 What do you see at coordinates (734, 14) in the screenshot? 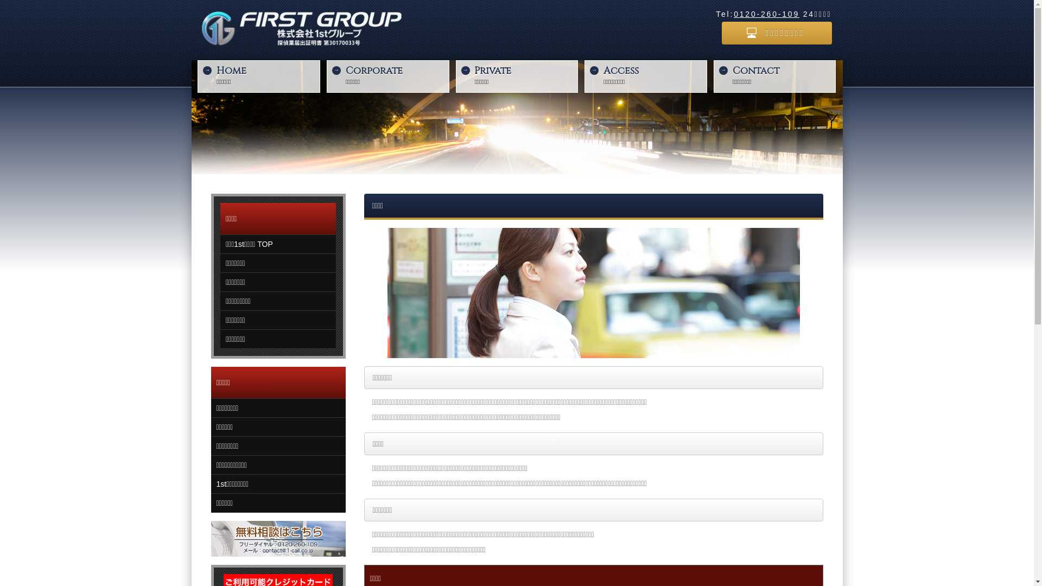
I see `'0120-260-109'` at bounding box center [734, 14].